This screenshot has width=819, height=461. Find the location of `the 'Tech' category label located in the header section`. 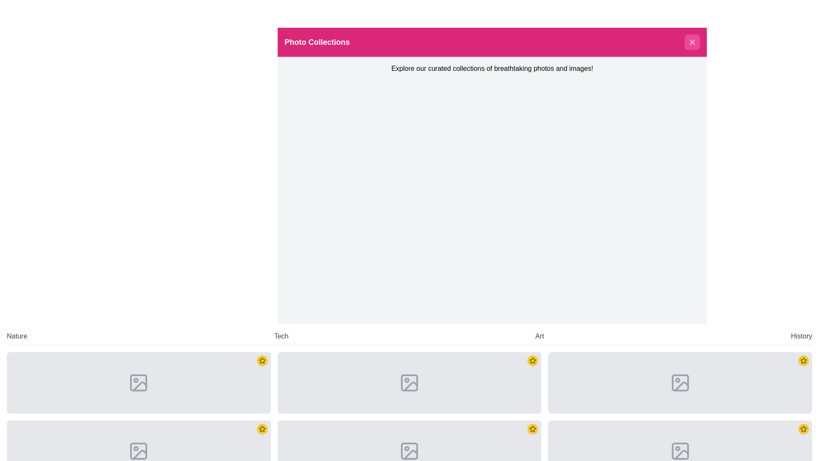

the 'Tech' category label located in the header section is located at coordinates (281, 336).